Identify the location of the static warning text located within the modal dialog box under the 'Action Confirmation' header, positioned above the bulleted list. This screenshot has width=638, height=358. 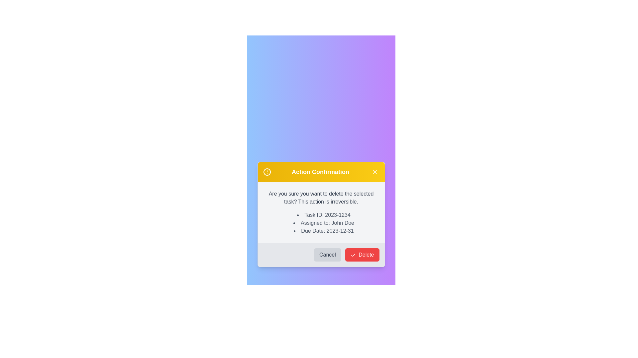
(321, 198).